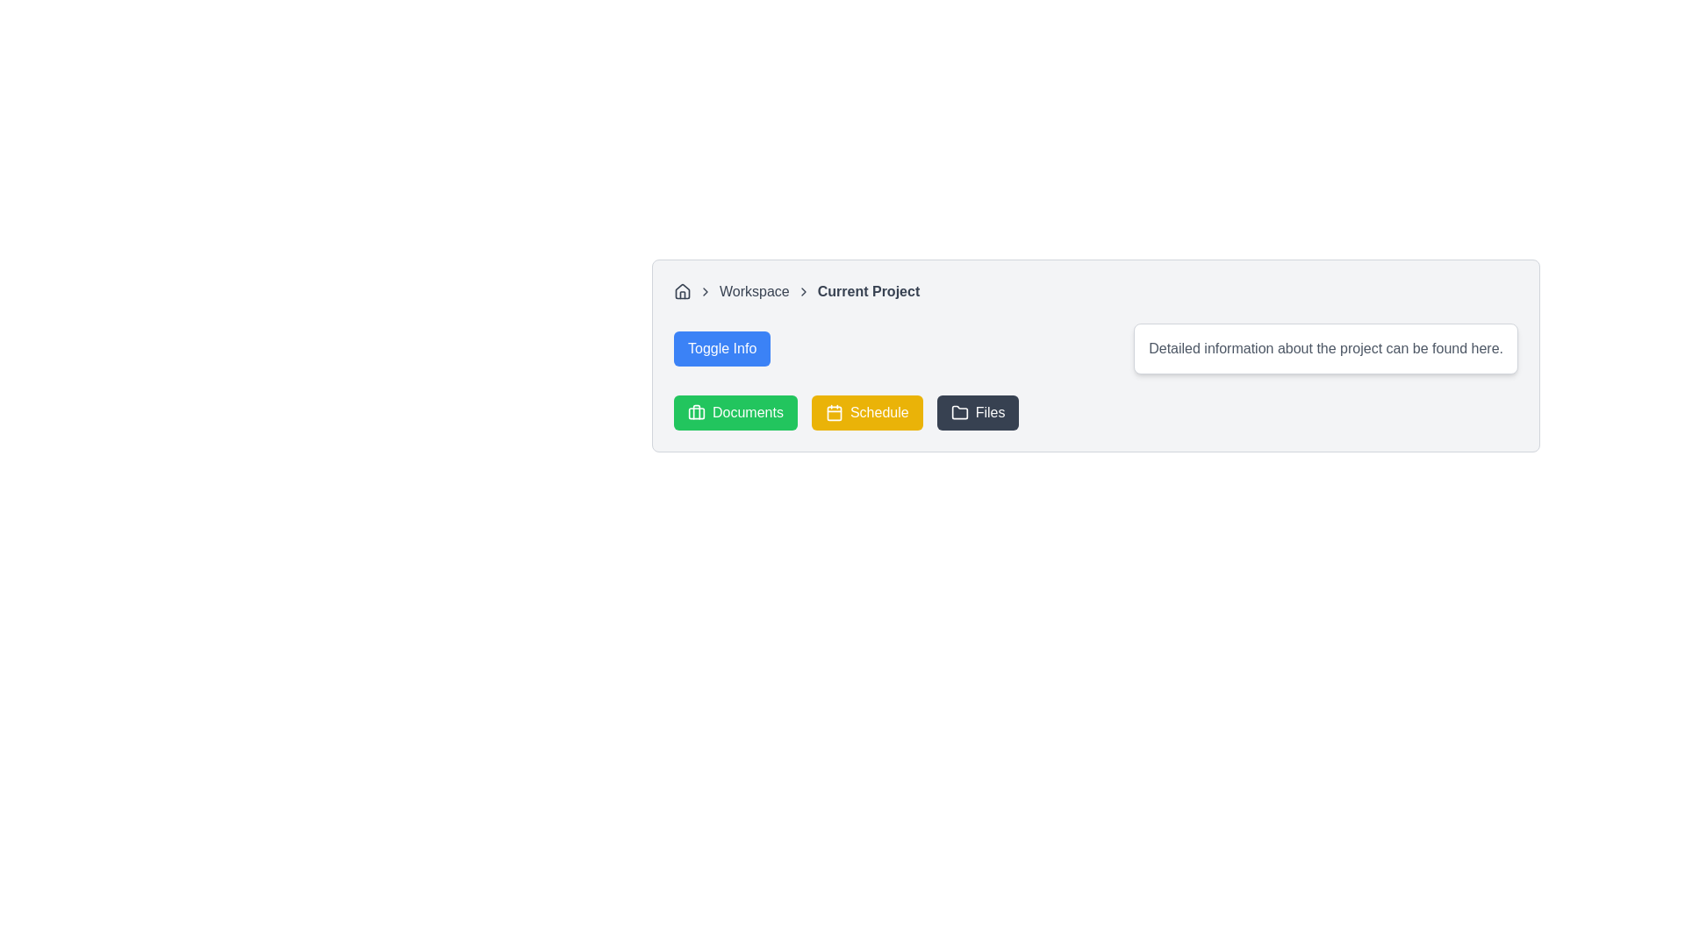 This screenshot has width=1685, height=947. What do you see at coordinates (754, 290) in the screenshot?
I see `the 'Workspace' text-based navigation label in the breadcrumb navigation bar` at bounding box center [754, 290].